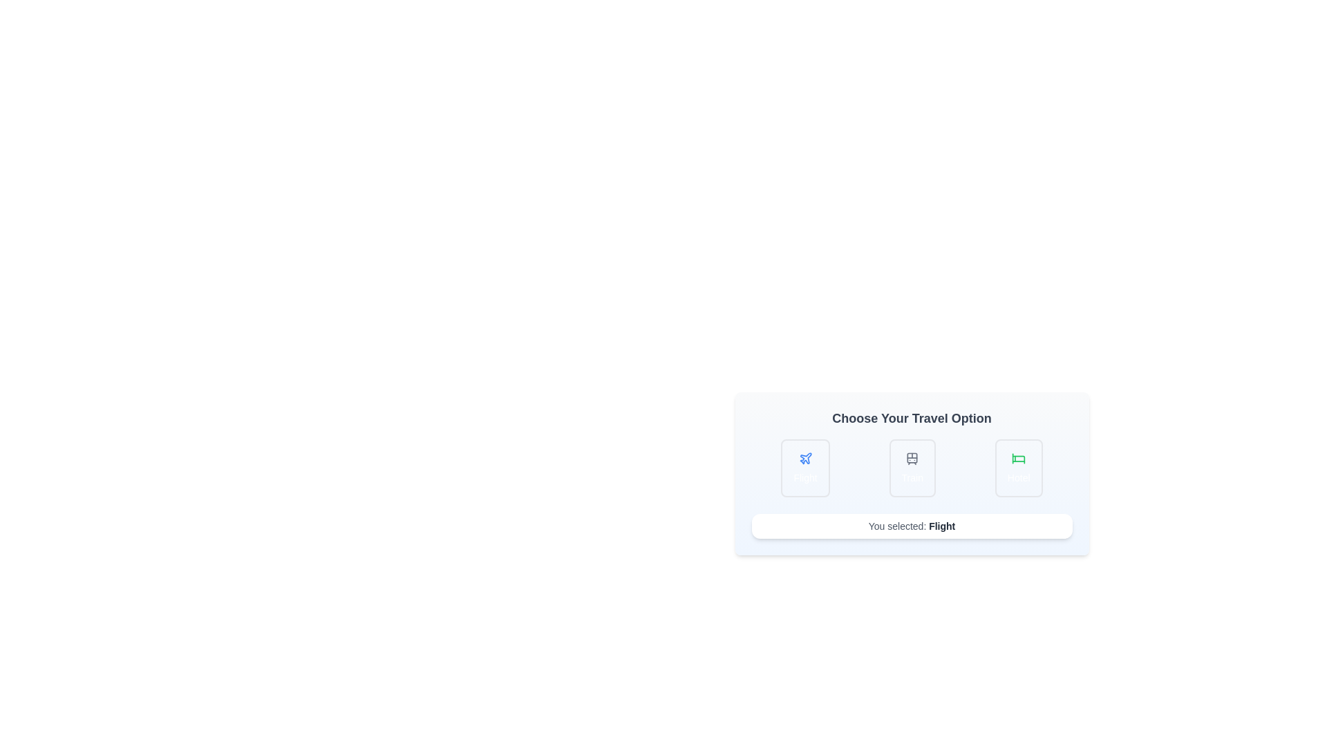 This screenshot has height=746, width=1327. I want to click on the middle button in the travel mode selection group below the title 'Choose Your Travel Option', so click(912, 468).